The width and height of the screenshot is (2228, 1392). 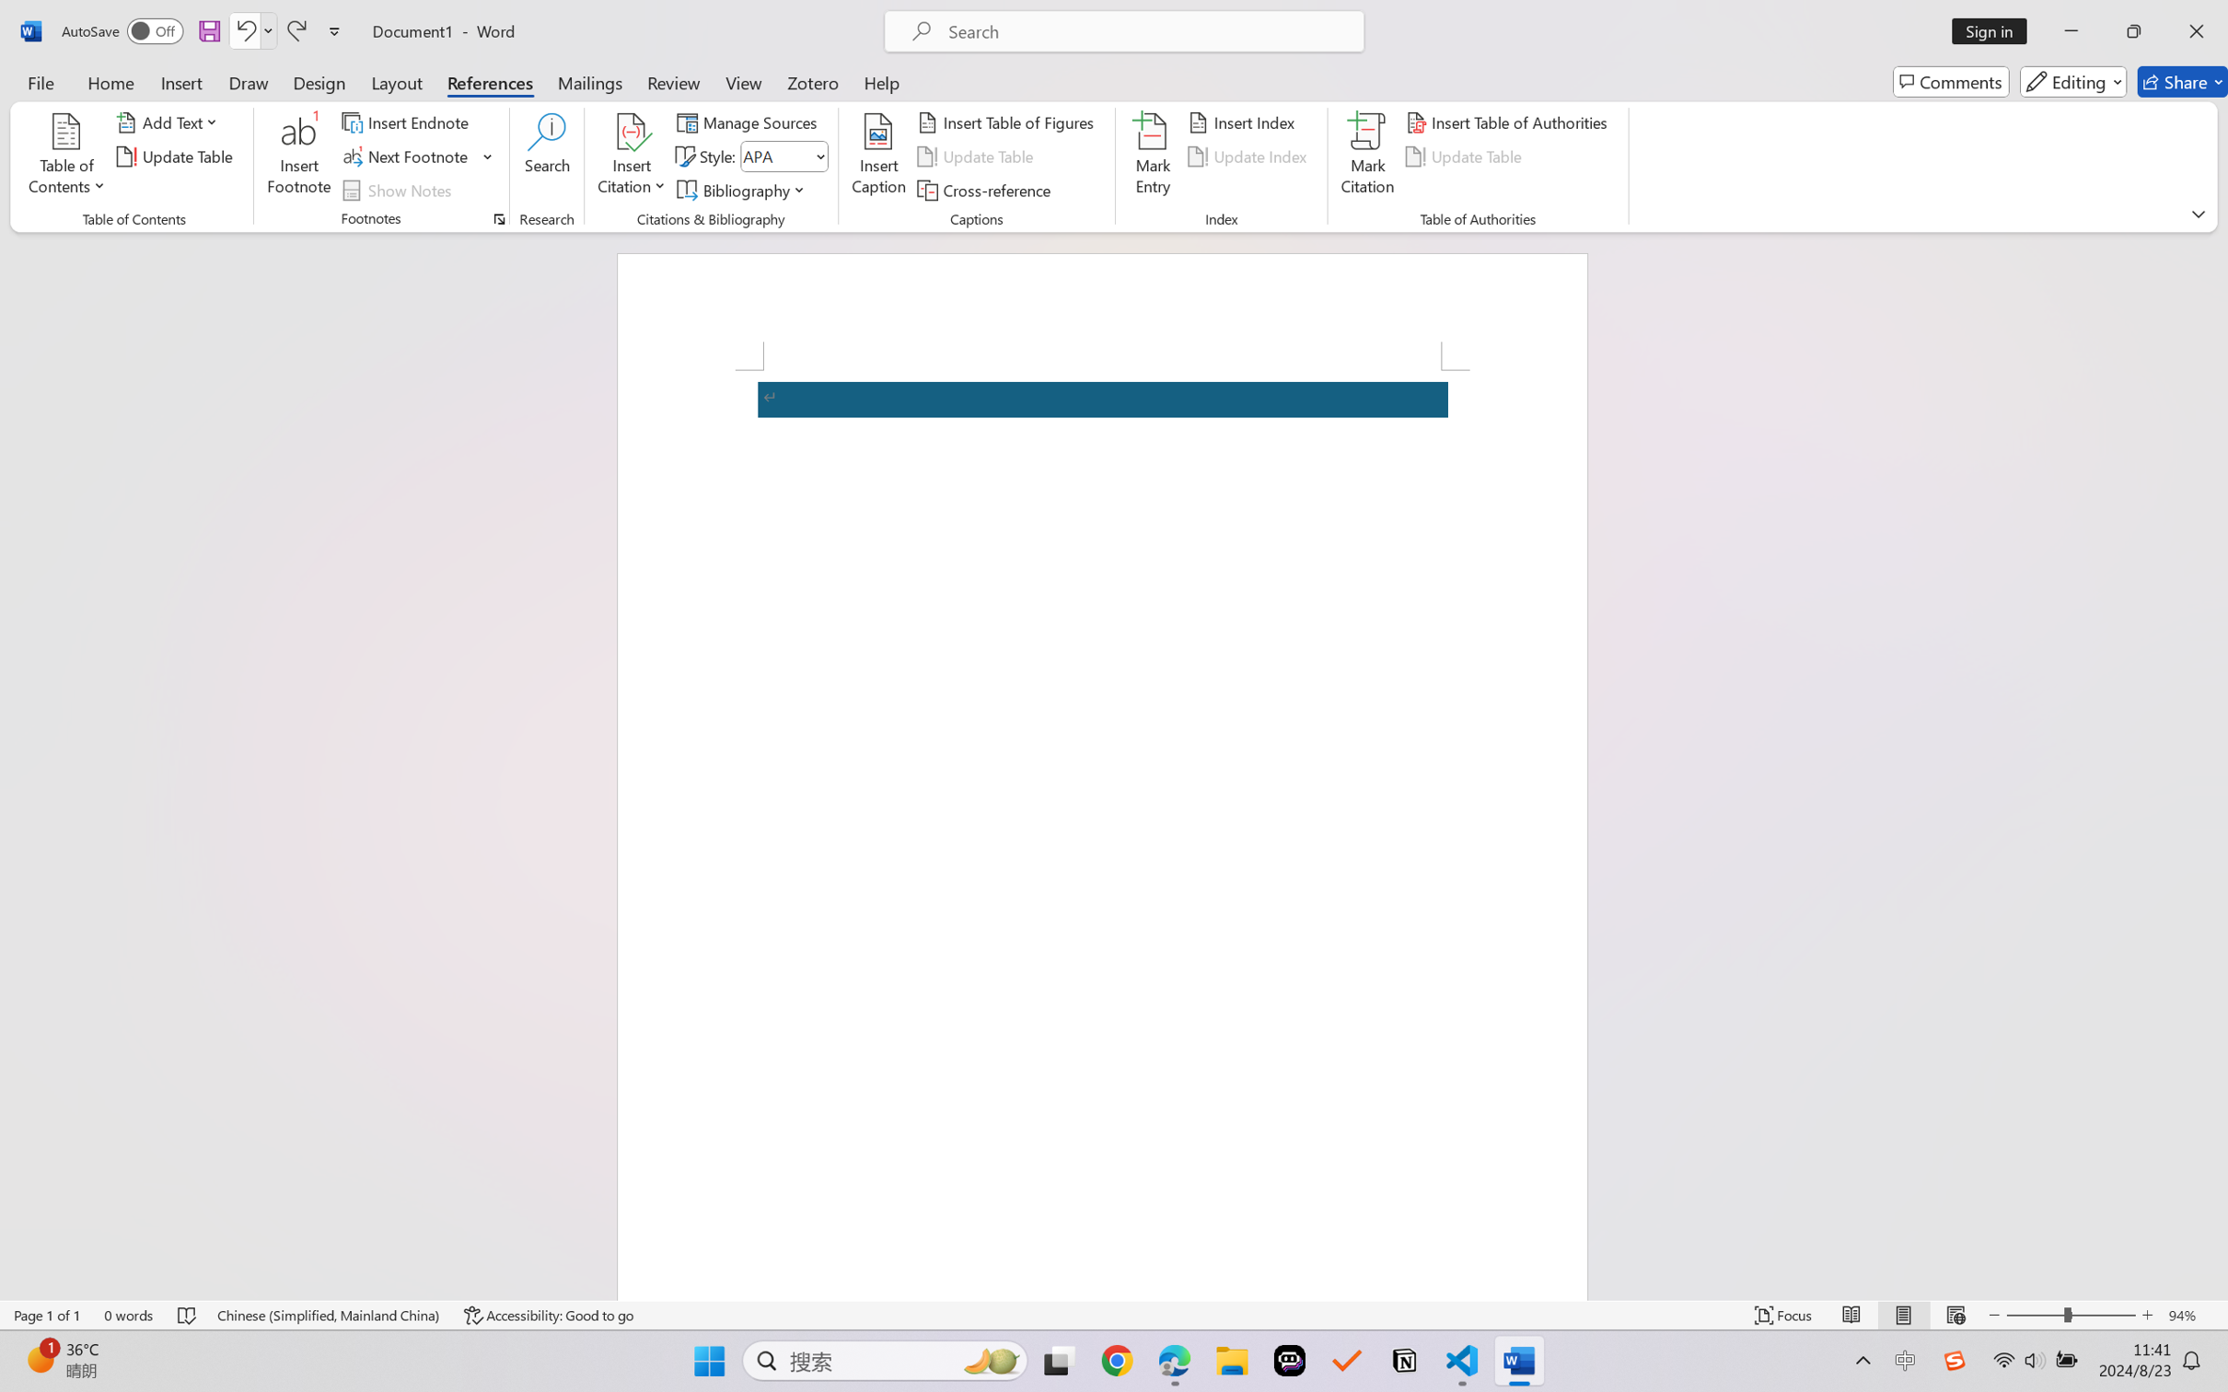 I want to click on 'Insert Index...', so click(x=1243, y=121).